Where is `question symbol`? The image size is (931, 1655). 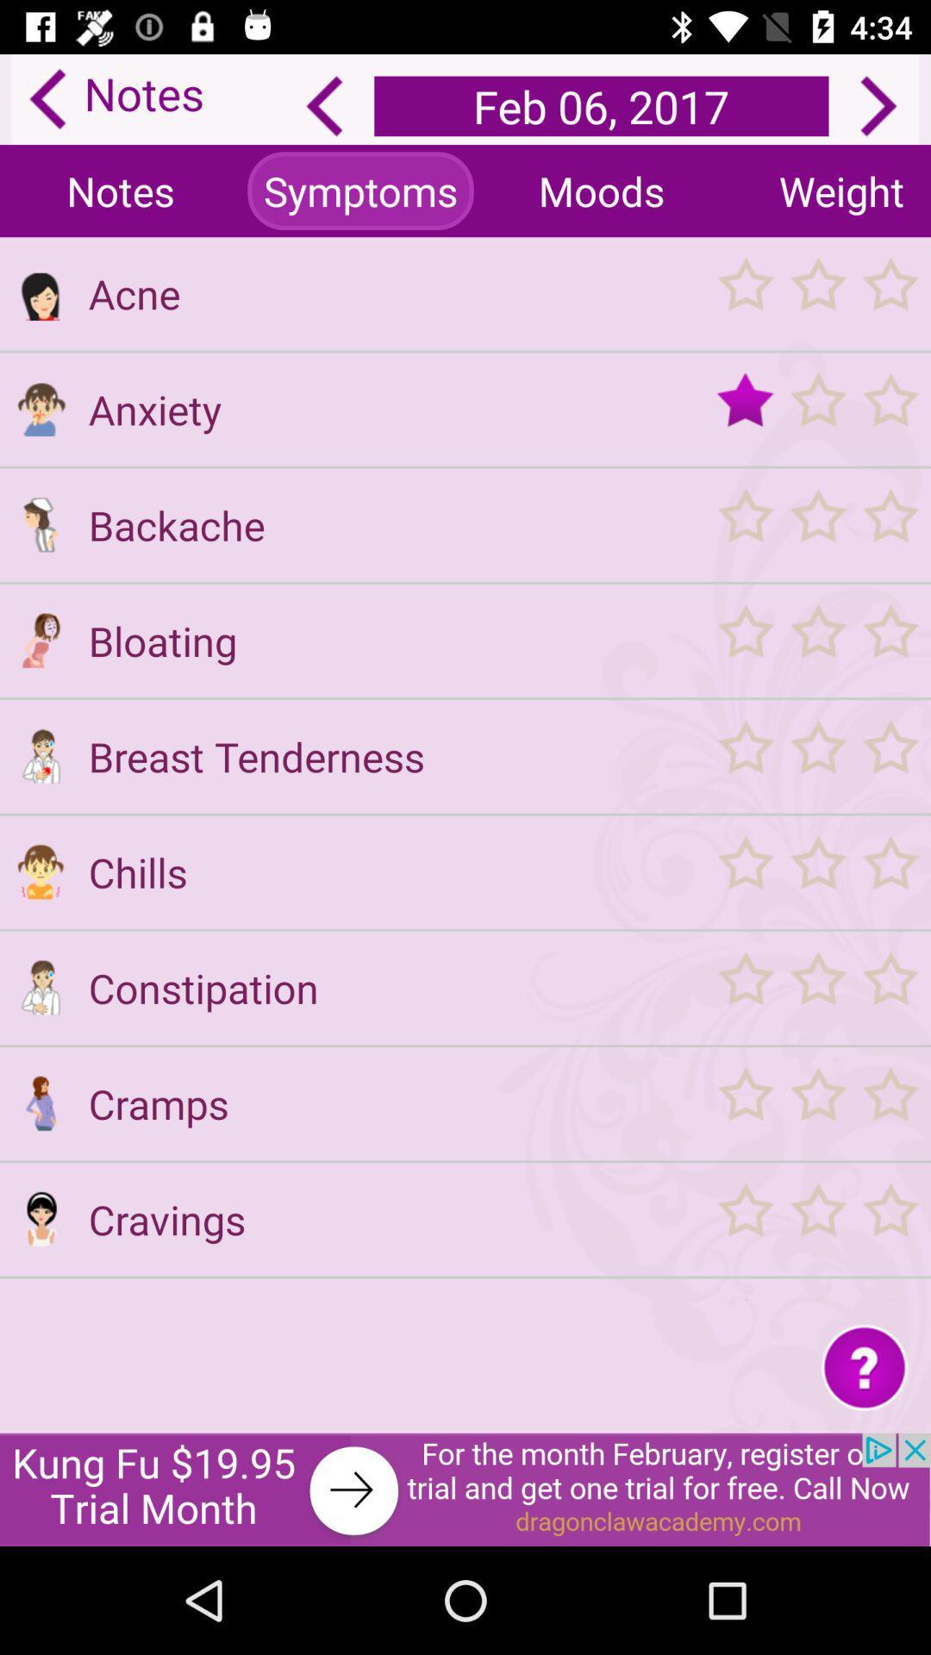 question symbol is located at coordinates (865, 1365).